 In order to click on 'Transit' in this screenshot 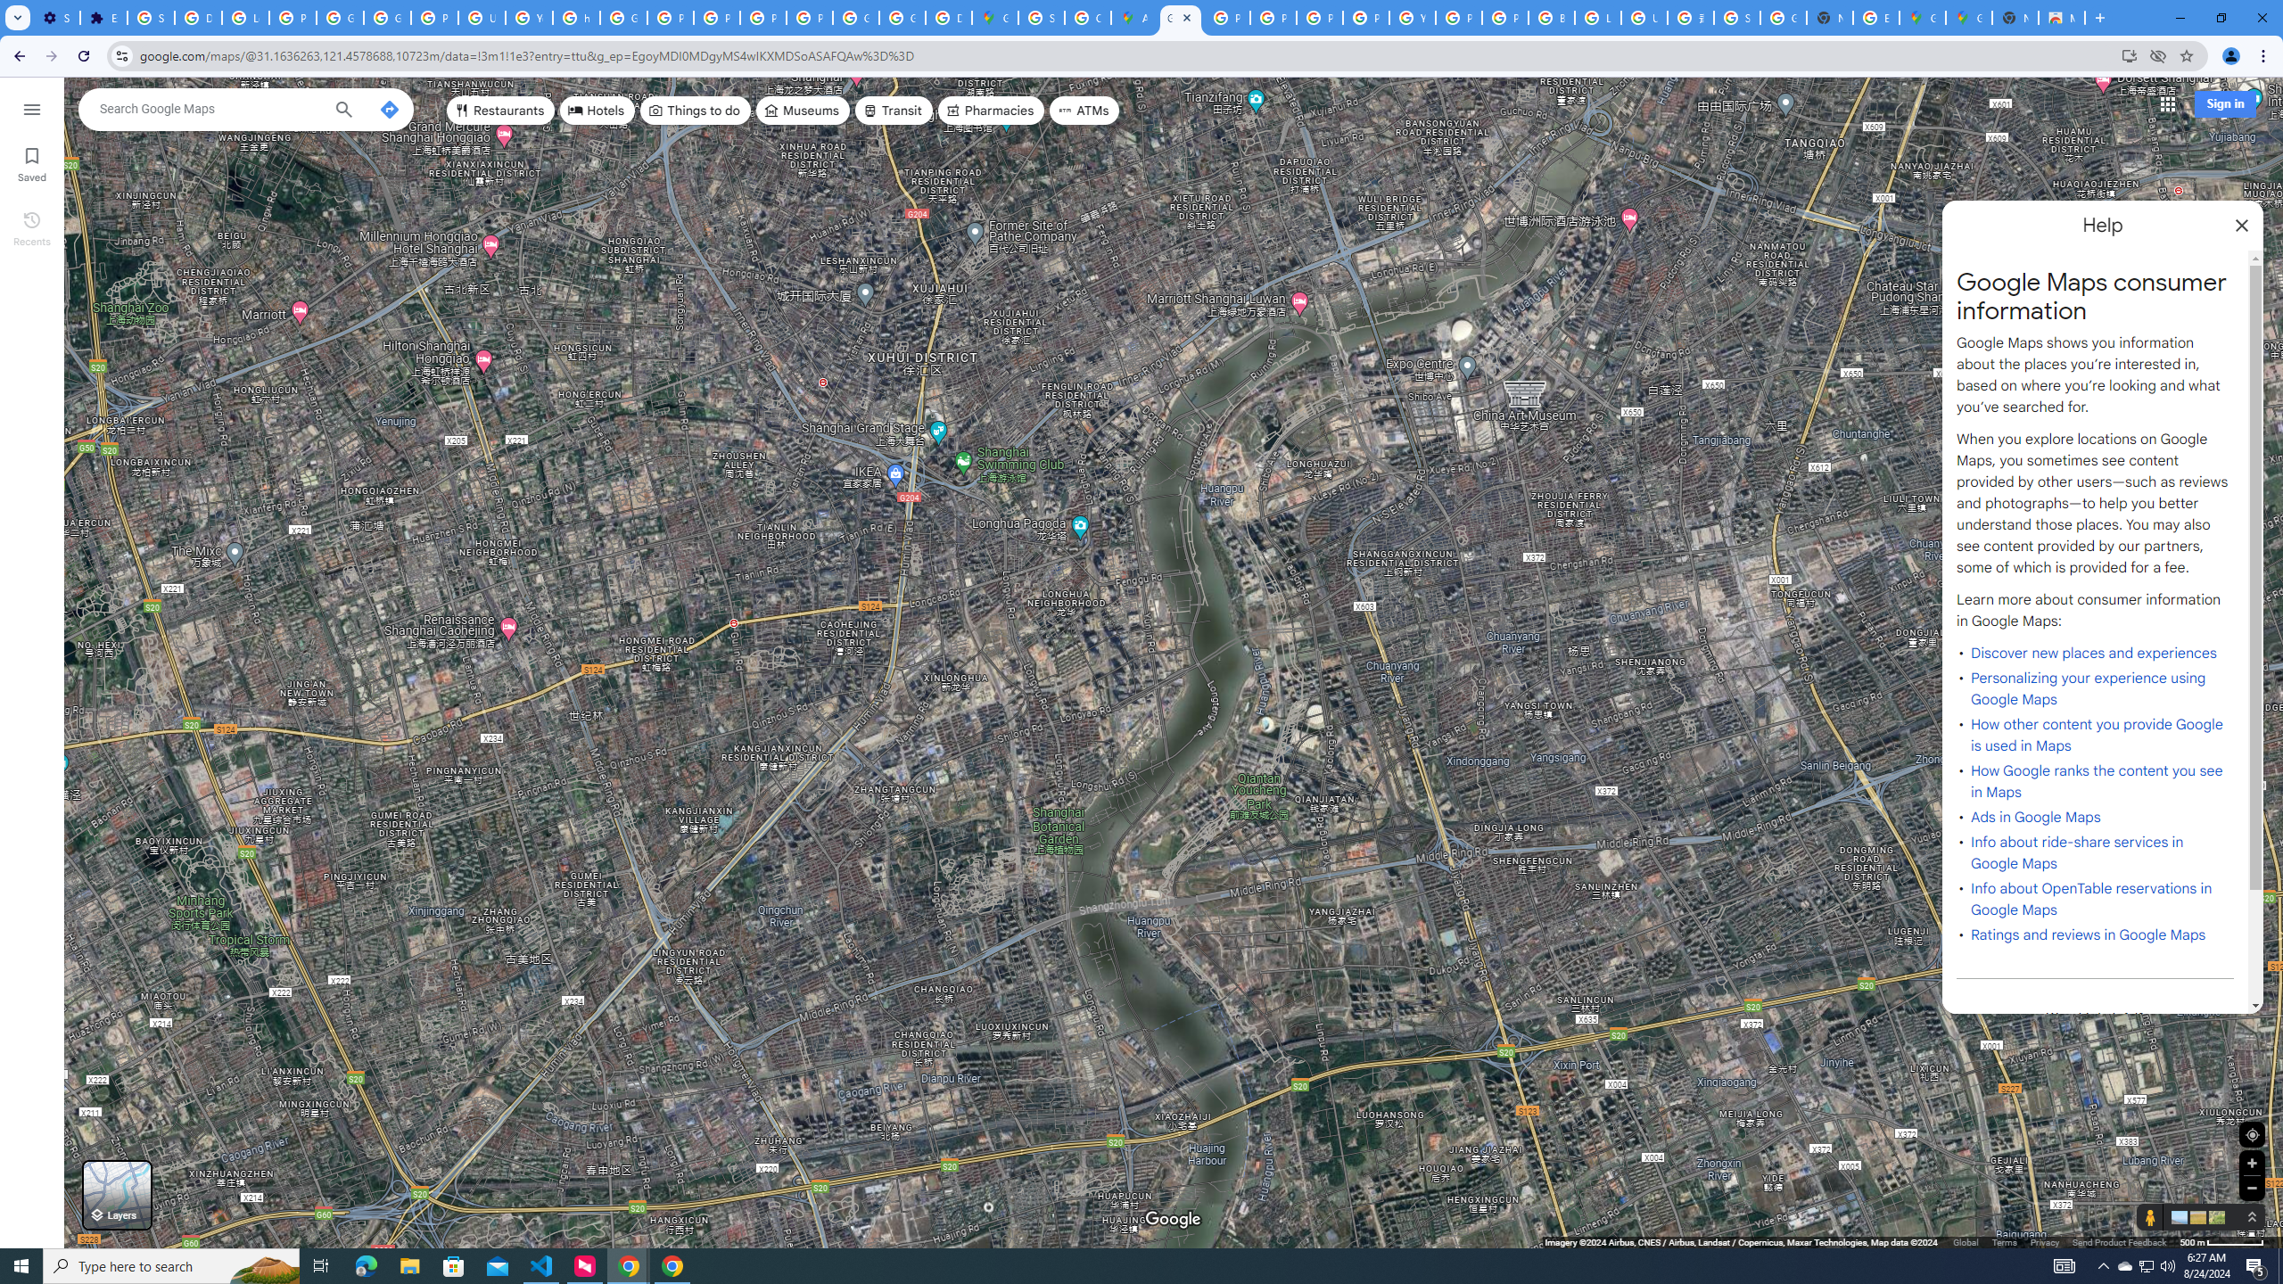, I will do `click(894, 109)`.